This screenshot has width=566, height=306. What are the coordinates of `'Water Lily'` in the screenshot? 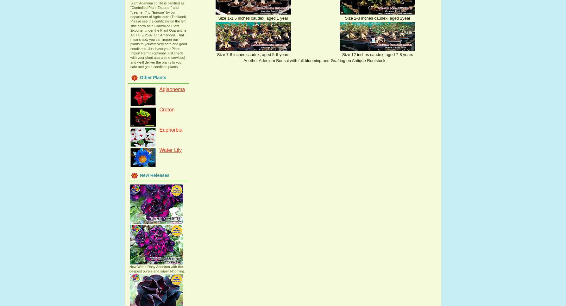 It's located at (159, 150).